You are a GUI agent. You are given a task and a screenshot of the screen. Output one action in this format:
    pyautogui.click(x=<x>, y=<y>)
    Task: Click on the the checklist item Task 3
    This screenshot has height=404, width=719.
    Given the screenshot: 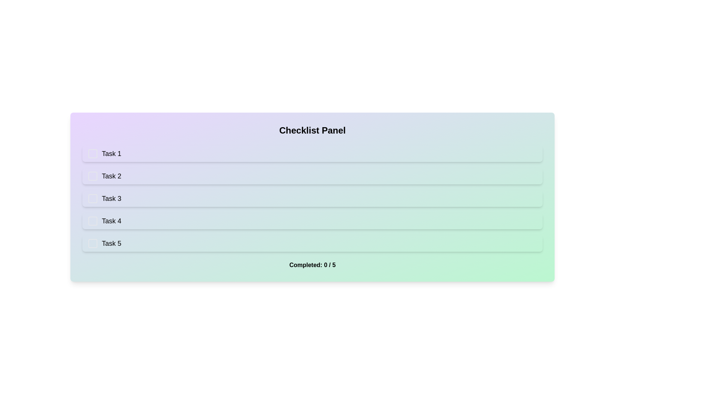 What is the action you would take?
    pyautogui.click(x=312, y=198)
    